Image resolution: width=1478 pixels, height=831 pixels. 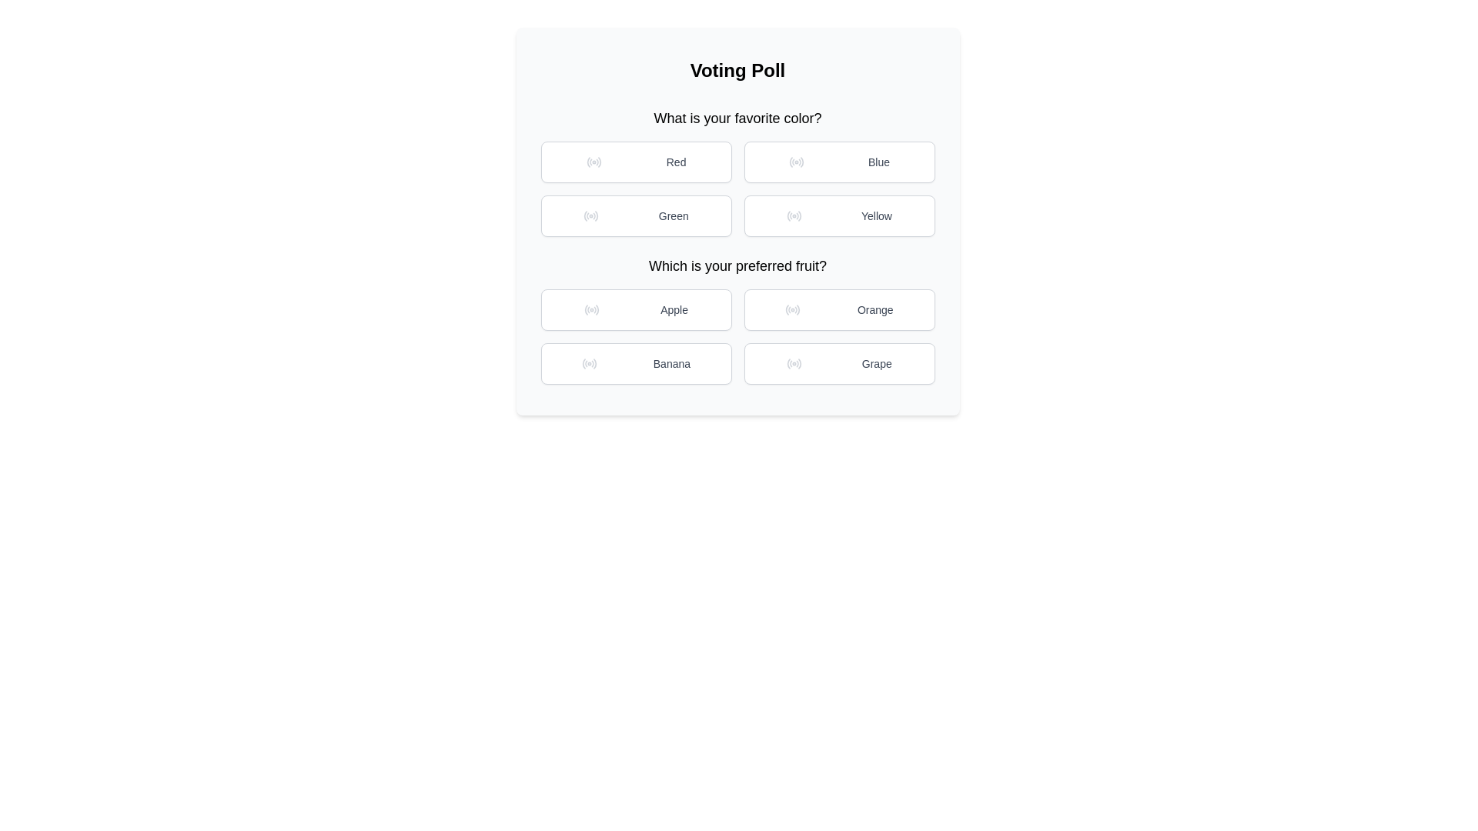 I want to click on items around the Interactive selection group within the 'Voting Poll', so click(x=737, y=245).